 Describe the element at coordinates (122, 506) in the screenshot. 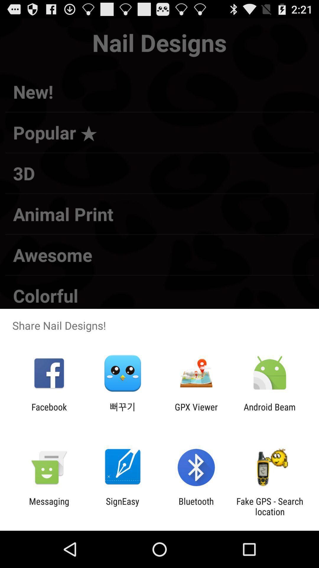

I see `signeasy` at that location.